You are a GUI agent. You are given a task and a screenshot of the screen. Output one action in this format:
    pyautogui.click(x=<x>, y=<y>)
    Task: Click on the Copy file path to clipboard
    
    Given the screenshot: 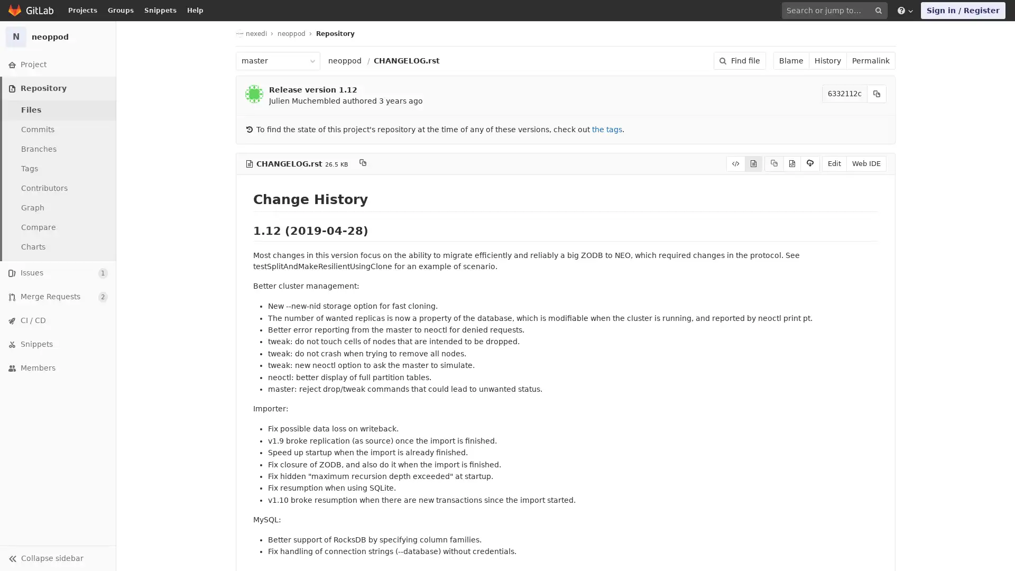 What is the action you would take?
    pyautogui.click(x=363, y=163)
    